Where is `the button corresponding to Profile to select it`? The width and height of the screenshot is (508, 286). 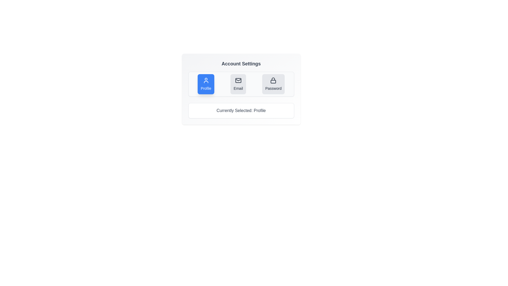
the button corresponding to Profile to select it is located at coordinates (206, 84).